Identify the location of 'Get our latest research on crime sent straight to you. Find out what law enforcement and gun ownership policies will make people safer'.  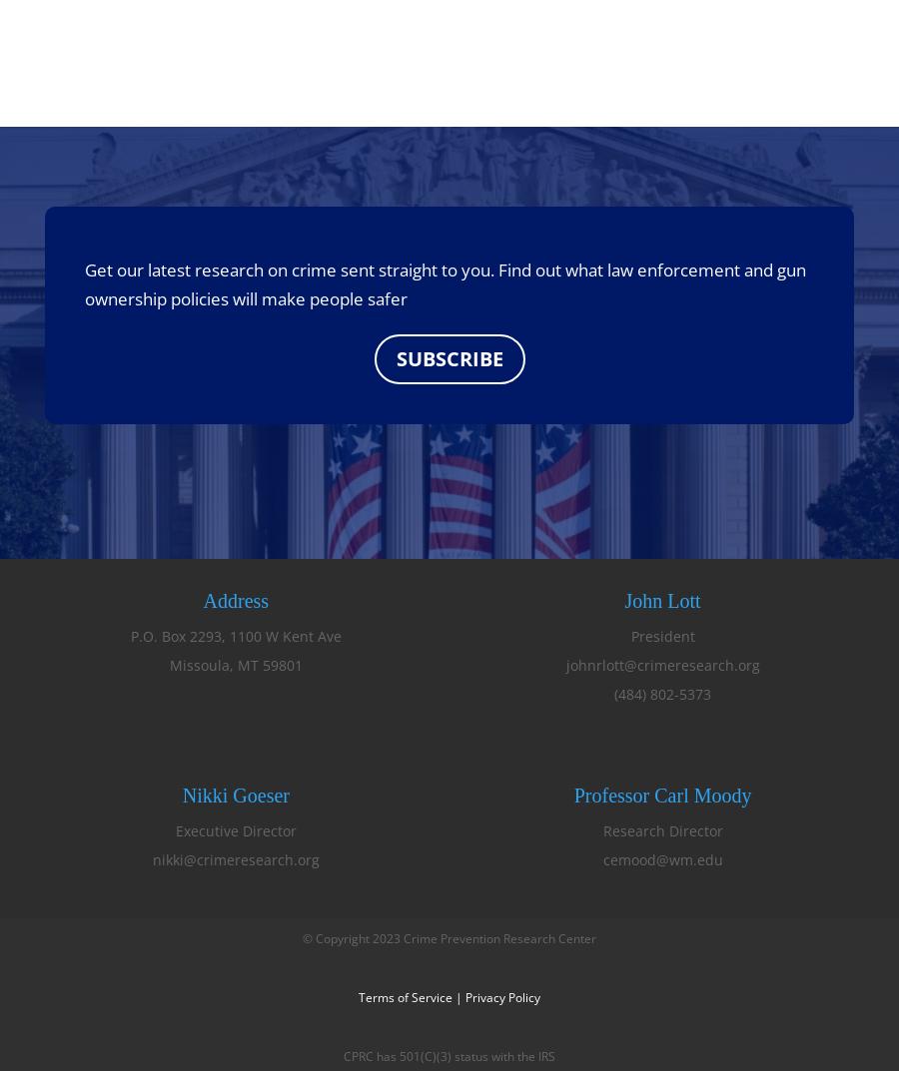
(83, 282).